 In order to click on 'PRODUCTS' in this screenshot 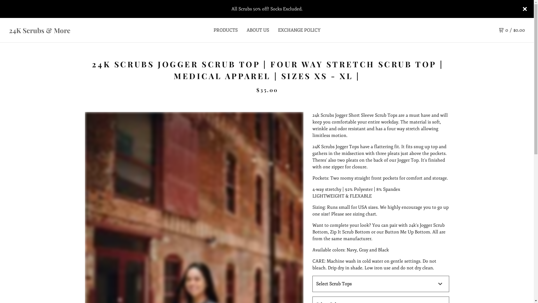, I will do `click(213, 30)`.